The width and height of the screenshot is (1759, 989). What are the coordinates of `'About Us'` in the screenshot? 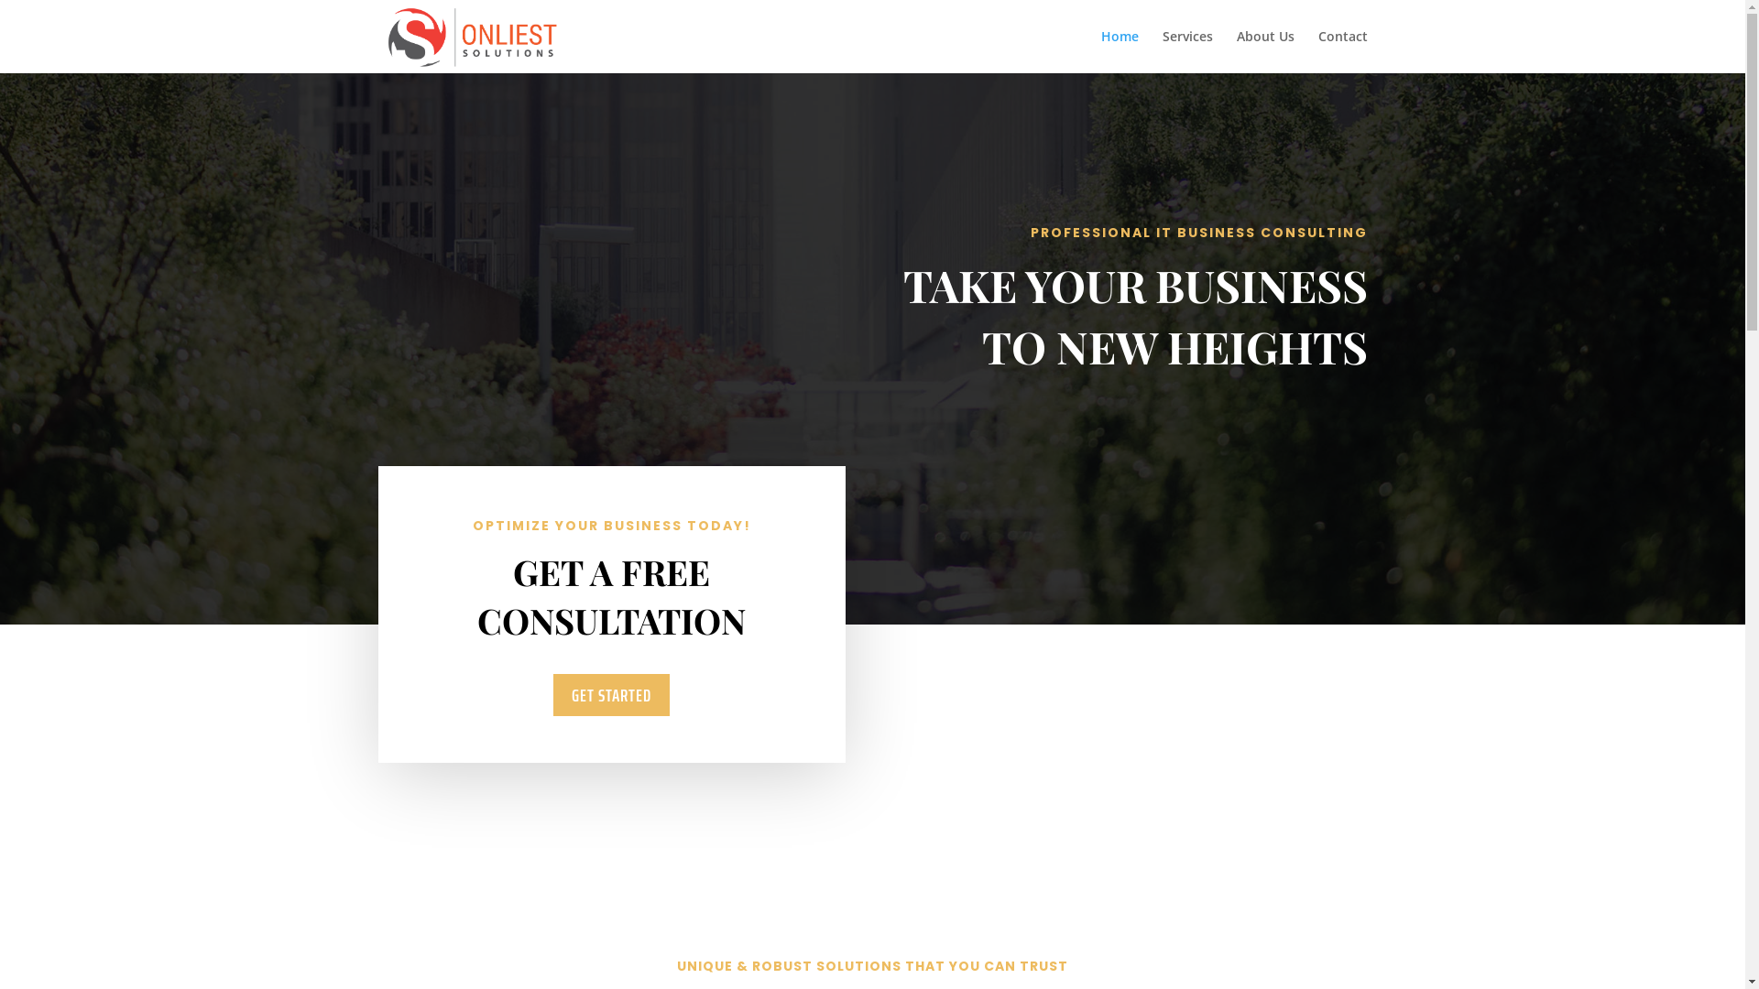 It's located at (1236, 50).